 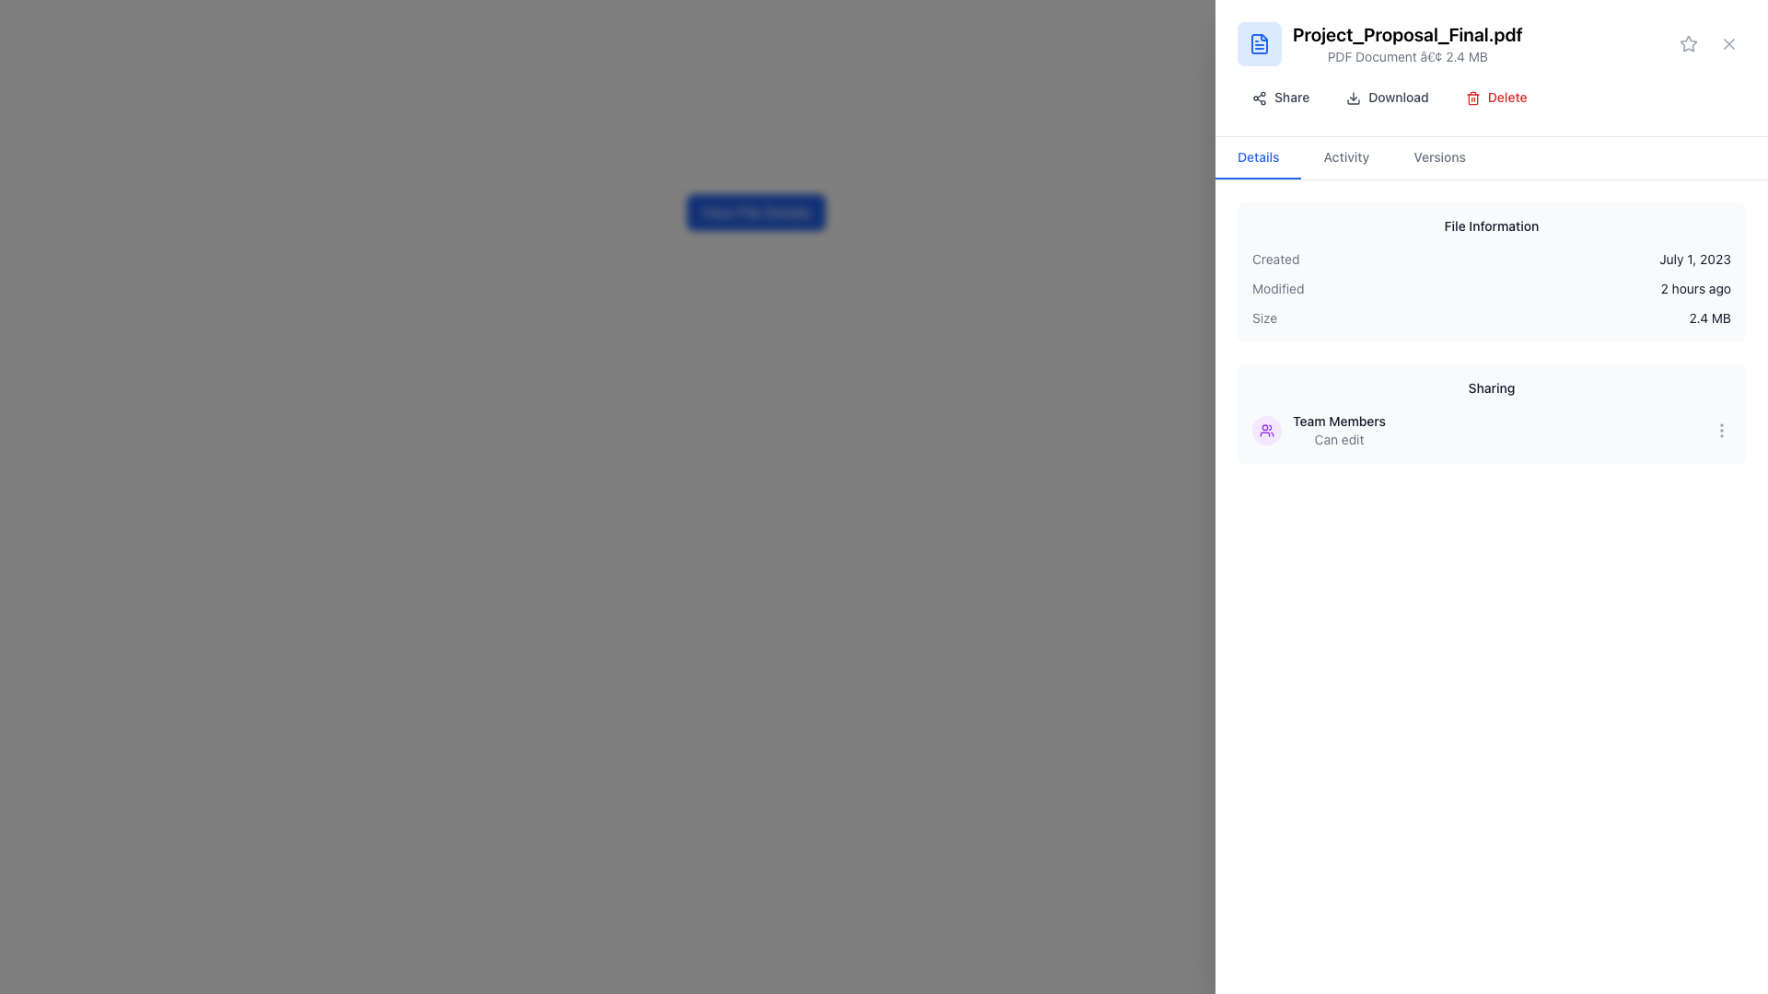 What do you see at coordinates (1727, 42) in the screenshot?
I see `the minimalistic 'X' mark graphic located in the top right corner of the sidebar, which is part of the close button functionality` at bounding box center [1727, 42].